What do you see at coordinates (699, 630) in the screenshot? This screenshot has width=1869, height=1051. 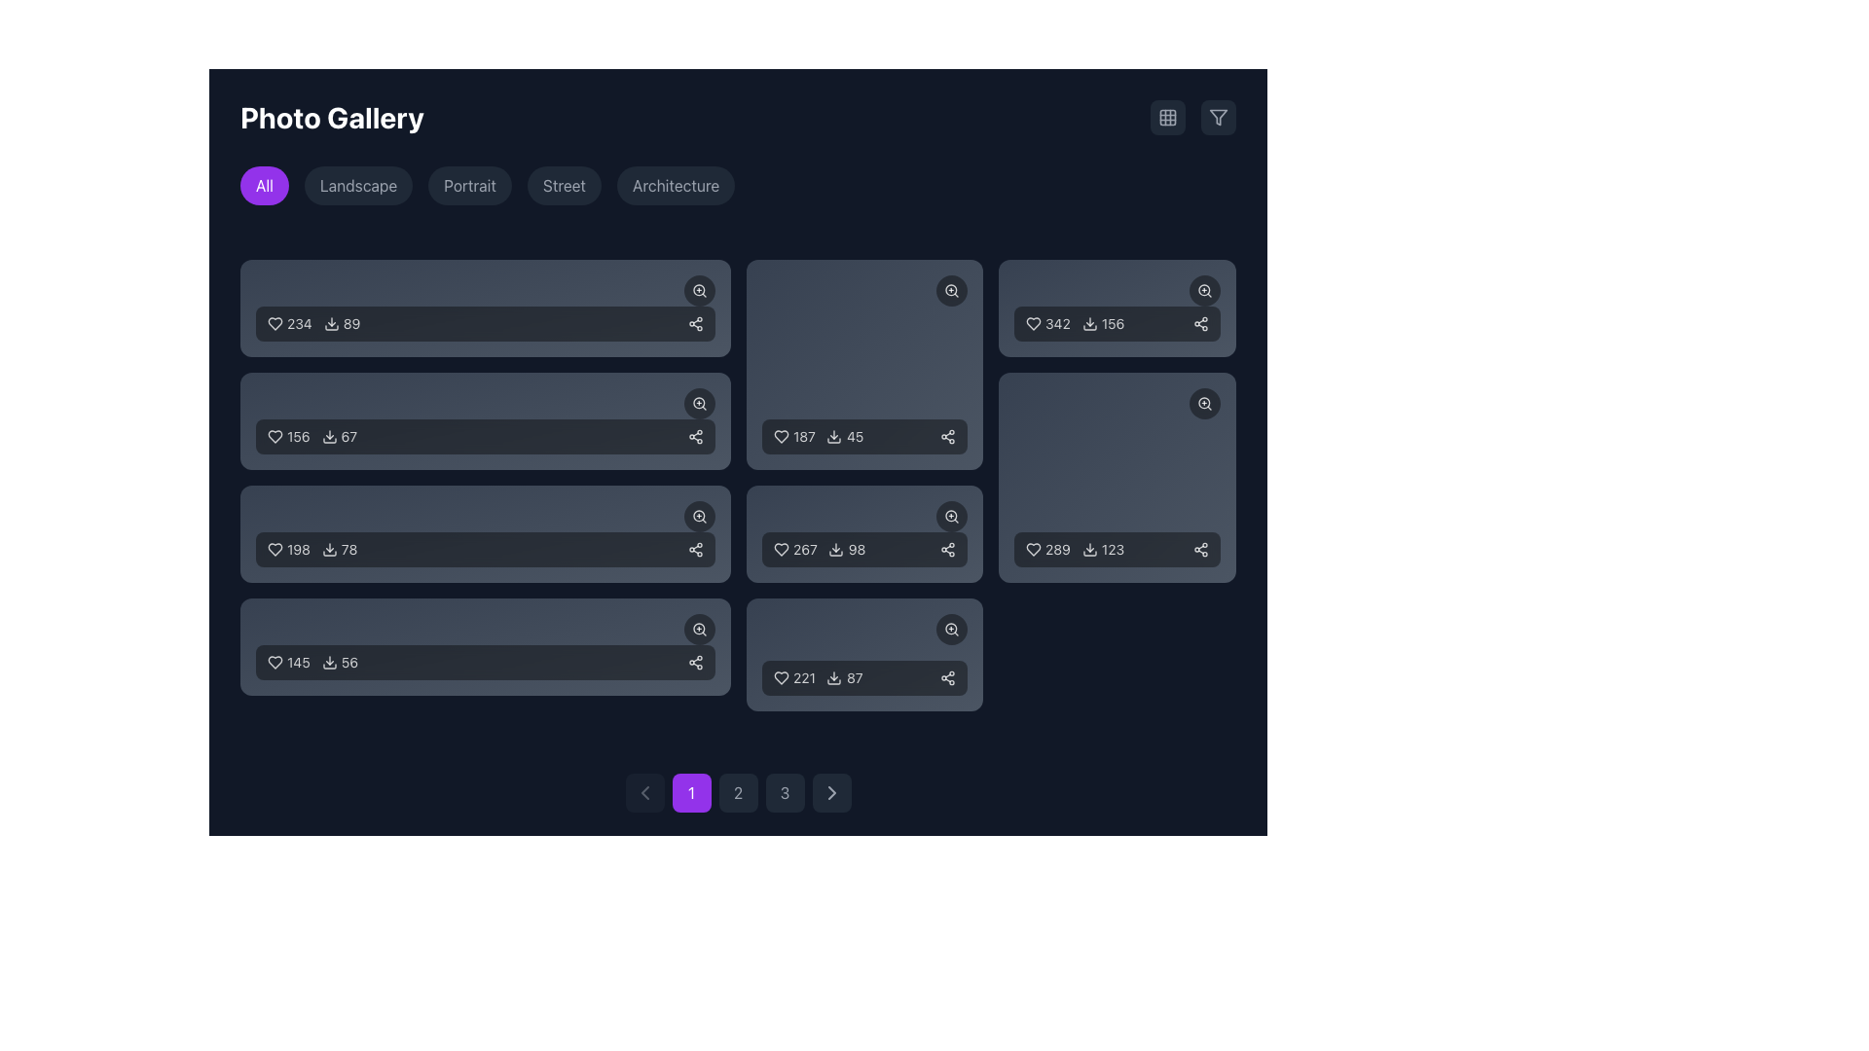 I see `the circular button with a magnifying glass icon located at the bottom right of the last card in the leftmost column to zoom in` at bounding box center [699, 630].